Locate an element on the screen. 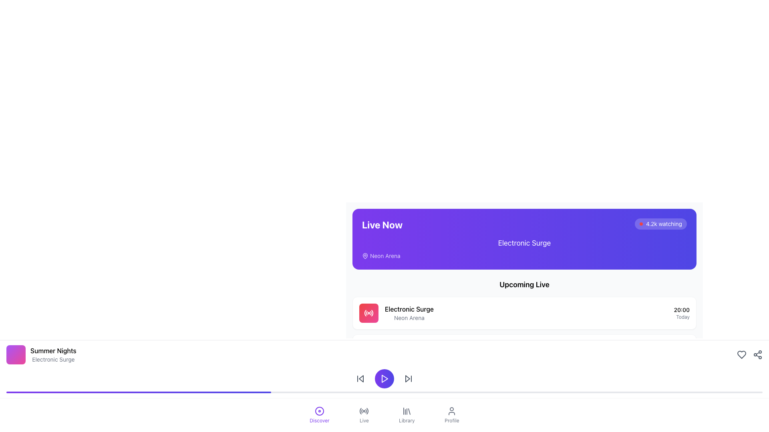 This screenshot has width=769, height=432. the Media item display that features a purple-to-pink gradient square on the left and the text 'Summer Nights' and 'Electronic Surge' on the right is located at coordinates (41, 354).